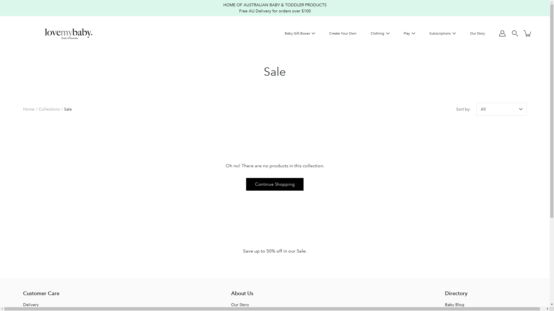  What do you see at coordinates (377, 33) in the screenshot?
I see `'Clothing'` at bounding box center [377, 33].